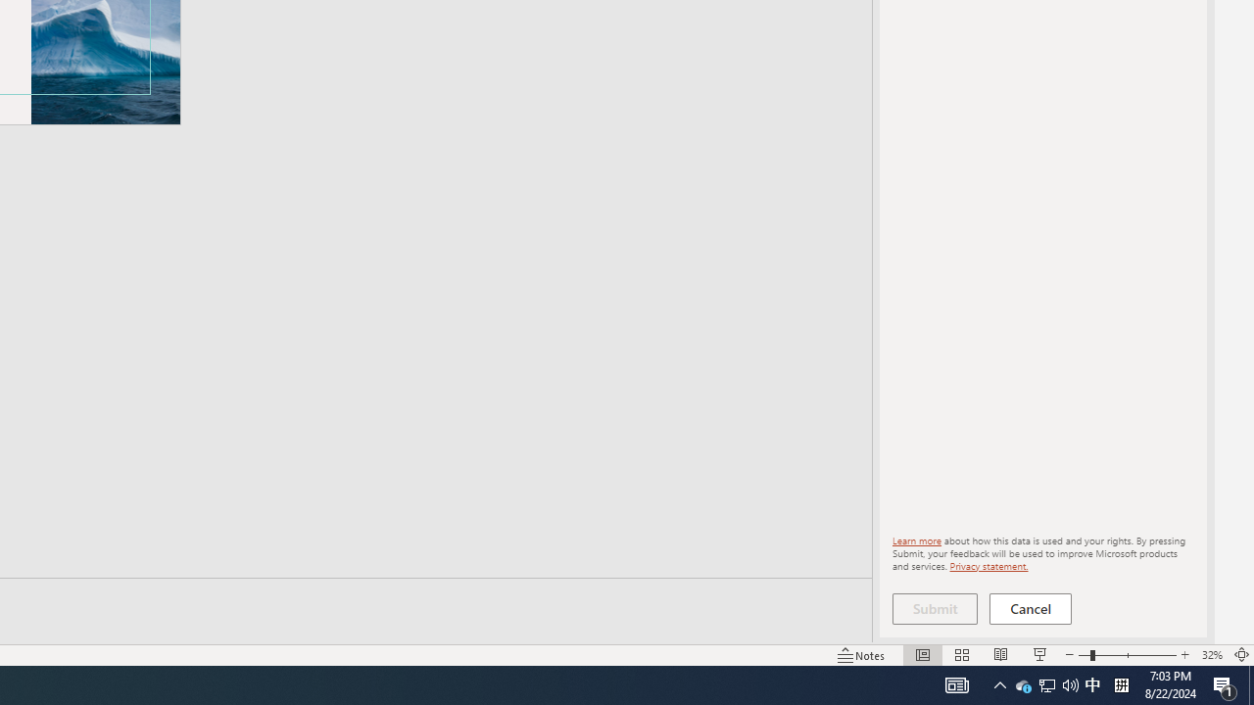 The width and height of the screenshot is (1254, 705). Describe the element at coordinates (989, 565) in the screenshot. I see `'Privacy statement.'` at that location.